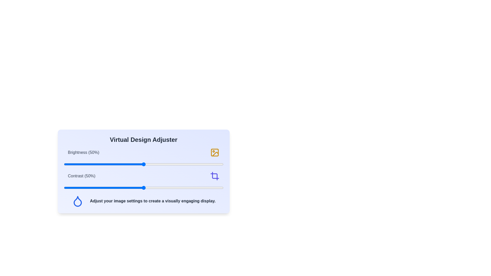 Image resolution: width=491 pixels, height=276 pixels. Describe the element at coordinates (142, 164) in the screenshot. I see `the brightness slider to 49%` at that location.